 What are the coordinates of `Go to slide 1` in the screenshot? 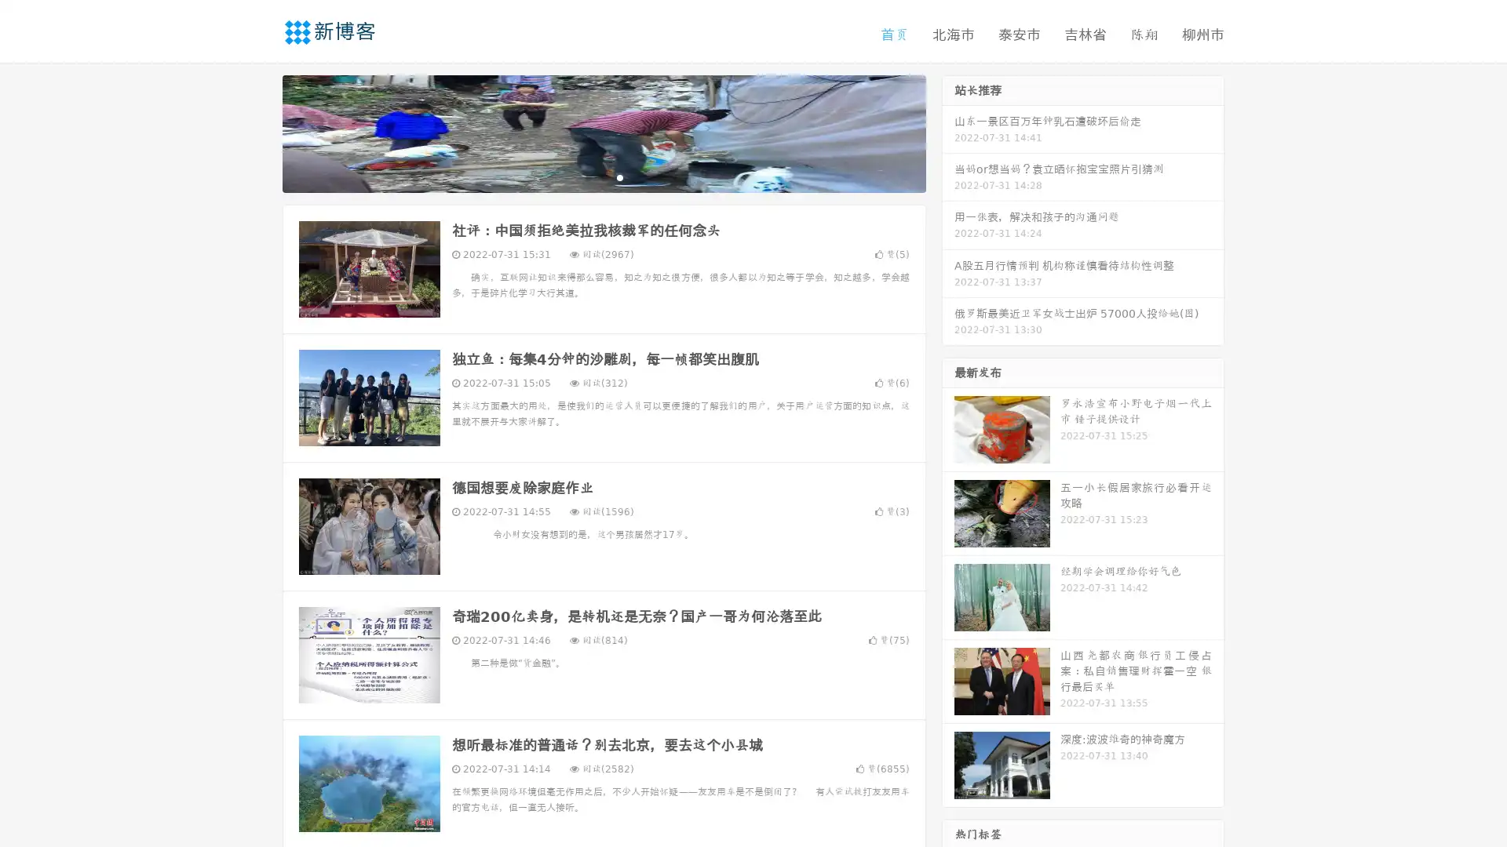 It's located at (587, 176).